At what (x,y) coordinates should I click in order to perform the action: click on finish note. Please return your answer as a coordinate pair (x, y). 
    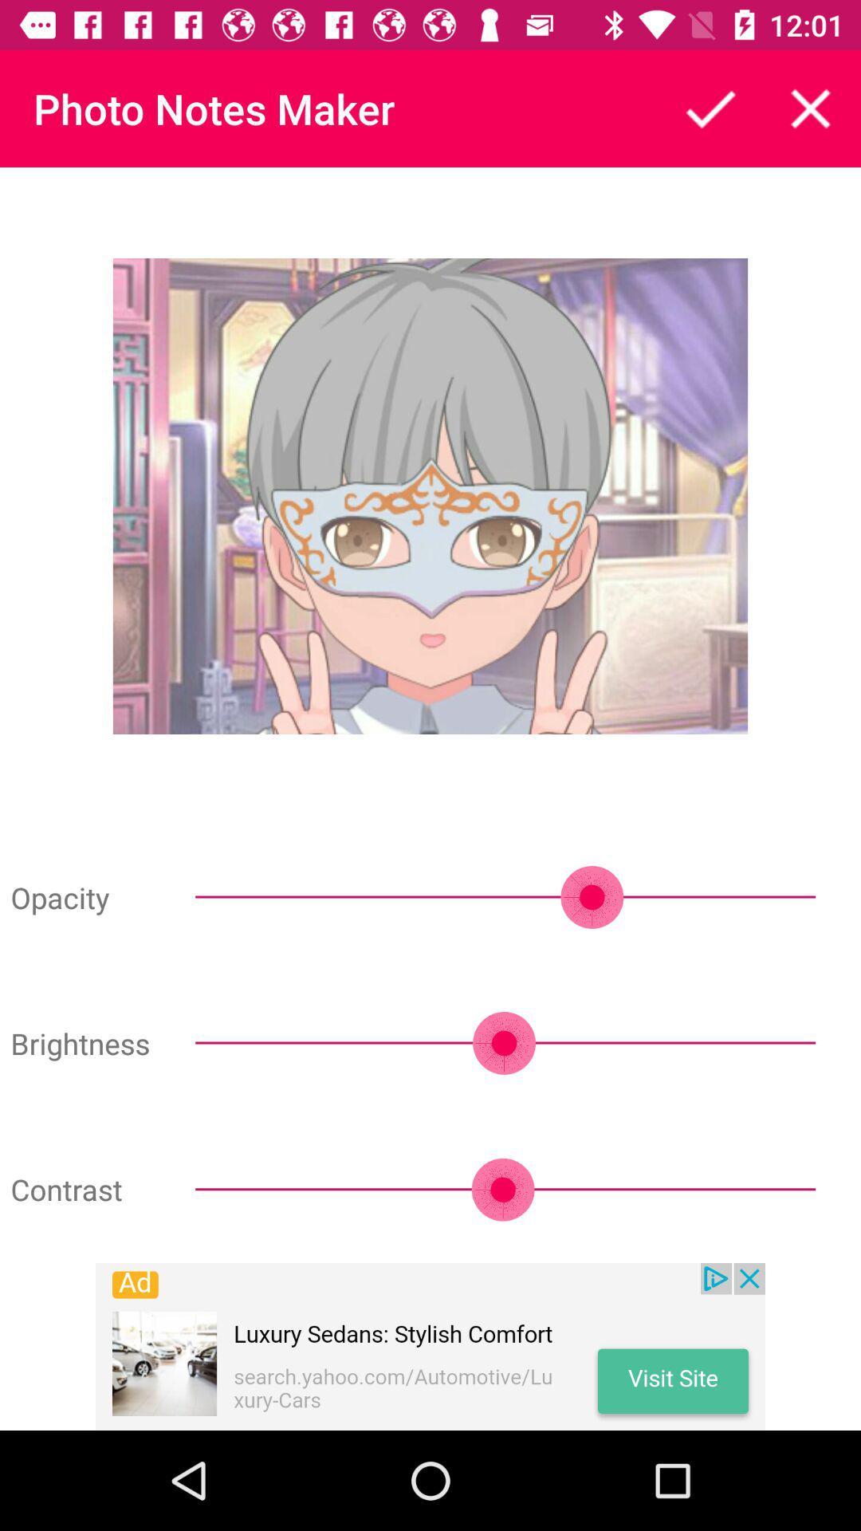
    Looking at the image, I should click on (710, 108).